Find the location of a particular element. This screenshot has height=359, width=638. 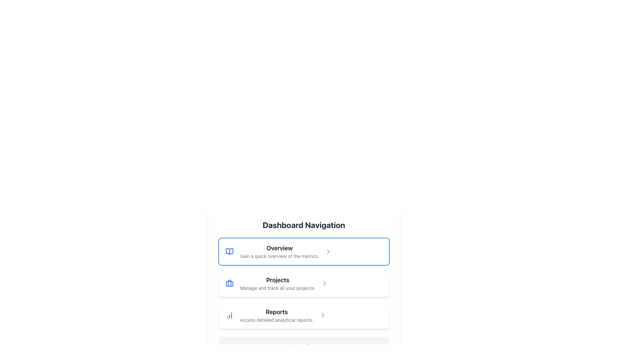

the second item in the vertical list of navigation options under the 'Dashboard Navigation' section is located at coordinates (303, 283).